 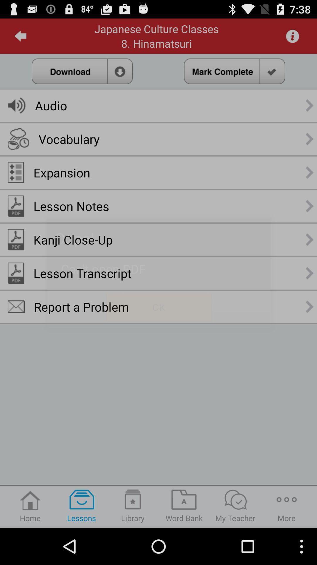 I want to click on icon above the vocabulary, so click(x=50, y=105).